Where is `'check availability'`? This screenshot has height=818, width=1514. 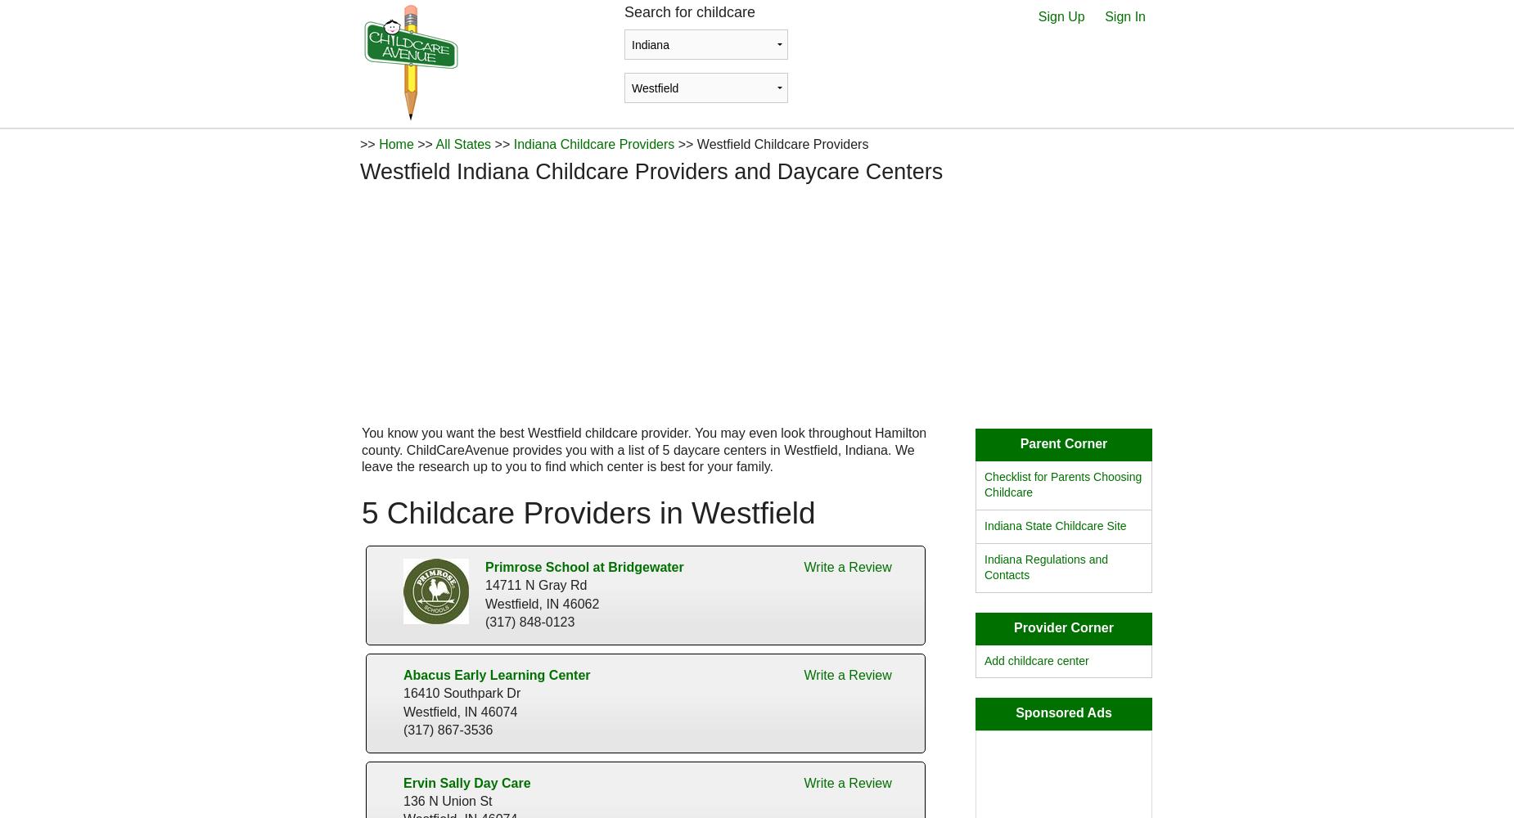
'check availability' is located at coordinates (646, 204).